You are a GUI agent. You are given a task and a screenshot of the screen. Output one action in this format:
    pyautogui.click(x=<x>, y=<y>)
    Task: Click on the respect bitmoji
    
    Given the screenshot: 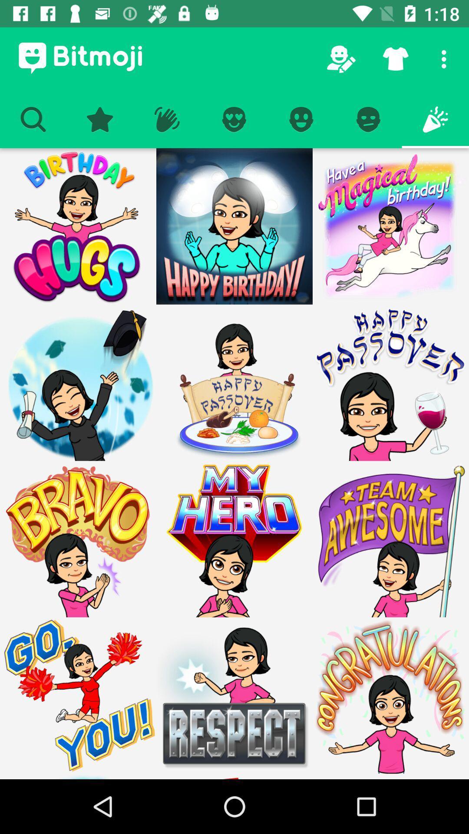 What is the action you would take?
    pyautogui.click(x=234, y=695)
    